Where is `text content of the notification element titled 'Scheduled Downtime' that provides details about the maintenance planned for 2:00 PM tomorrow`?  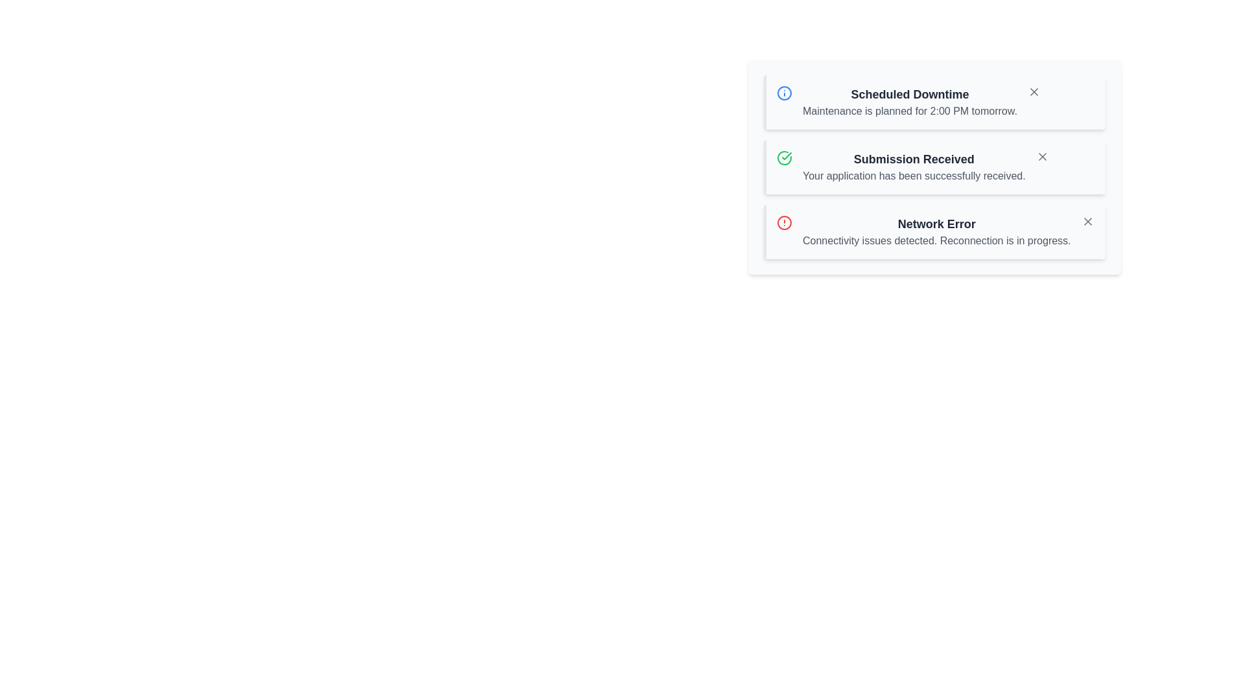
text content of the notification element titled 'Scheduled Downtime' that provides details about the maintenance planned for 2:00 PM tomorrow is located at coordinates (909, 102).